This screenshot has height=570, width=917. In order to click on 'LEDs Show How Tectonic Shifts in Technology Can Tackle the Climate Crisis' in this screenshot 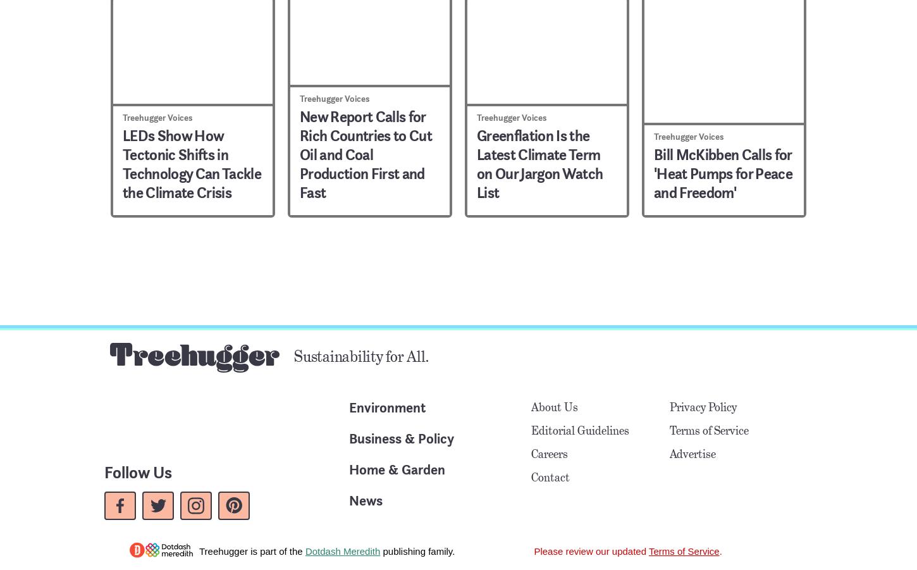, I will do `click(122, 163)`.